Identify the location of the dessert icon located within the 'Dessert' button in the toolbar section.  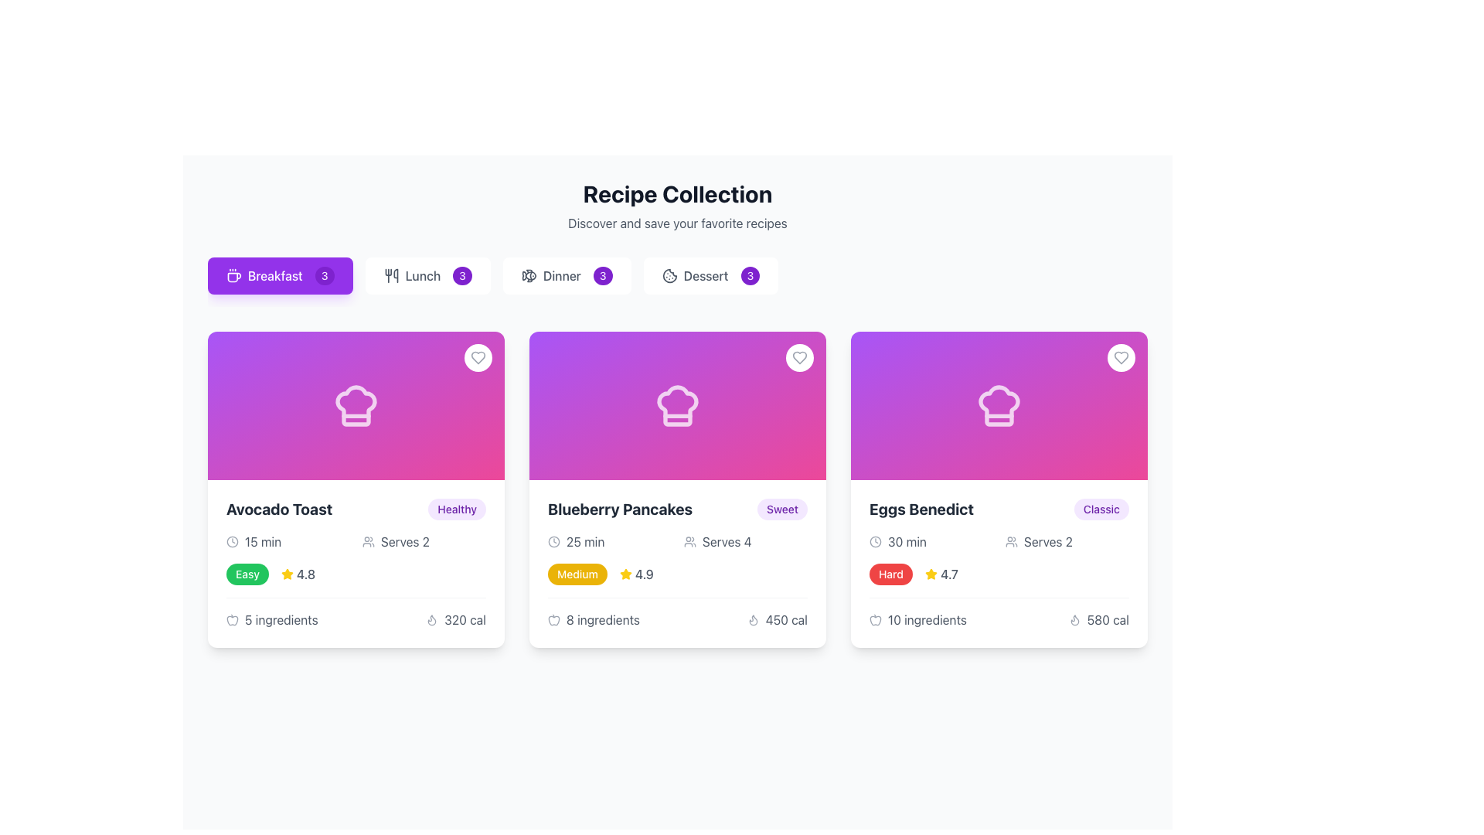
(669, 275).